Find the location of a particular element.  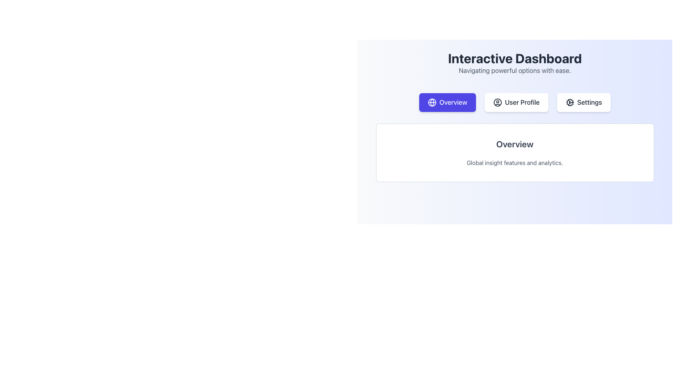

the second button in the navigation group, which directs users to their profile details and settings, to activate the hover effect is located at coordinates (516, 103).